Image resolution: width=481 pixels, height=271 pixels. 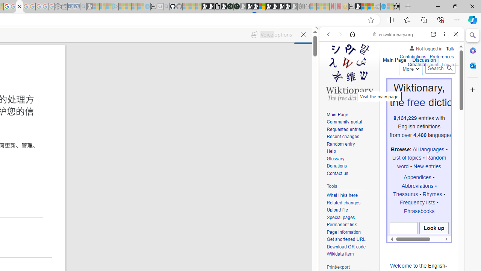 What do you see at coordinates (351, 144) in the screenshot?
I see `'Random entry'` at bounding box center [351, 144].